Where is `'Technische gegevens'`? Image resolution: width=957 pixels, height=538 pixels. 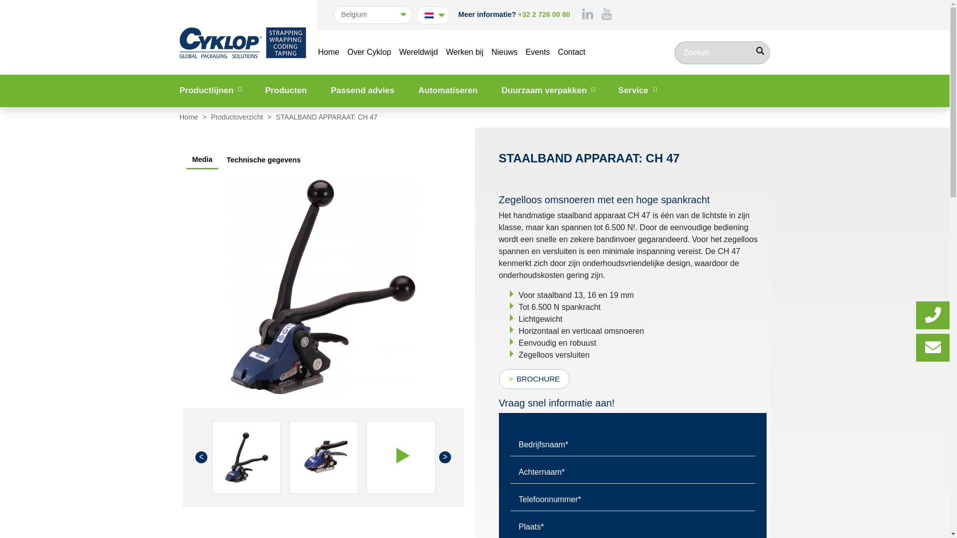 'Technische gegevens' is located at coordinates (264, 159).